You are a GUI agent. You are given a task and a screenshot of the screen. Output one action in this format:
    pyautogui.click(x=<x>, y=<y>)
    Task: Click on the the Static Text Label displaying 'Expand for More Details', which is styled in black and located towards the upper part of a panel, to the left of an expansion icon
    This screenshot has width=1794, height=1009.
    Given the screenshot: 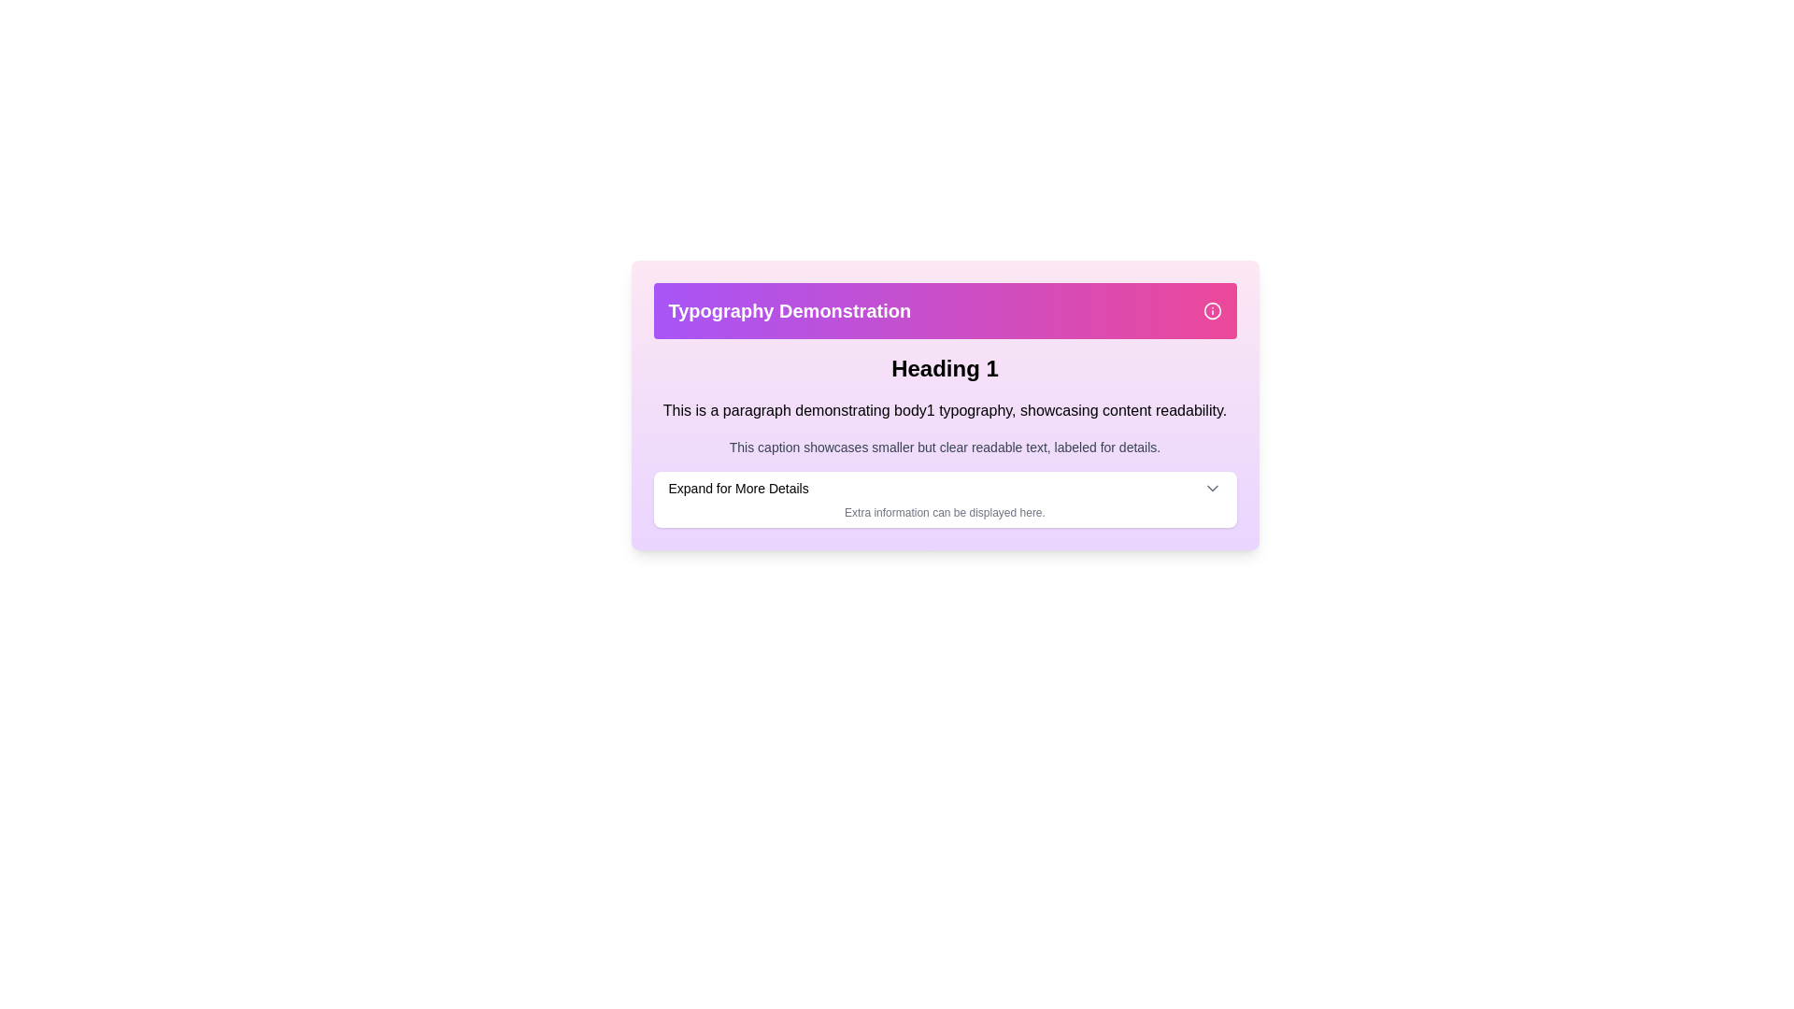 What is the action you would take?
    pyautogui.click(x=737, y=488)
    